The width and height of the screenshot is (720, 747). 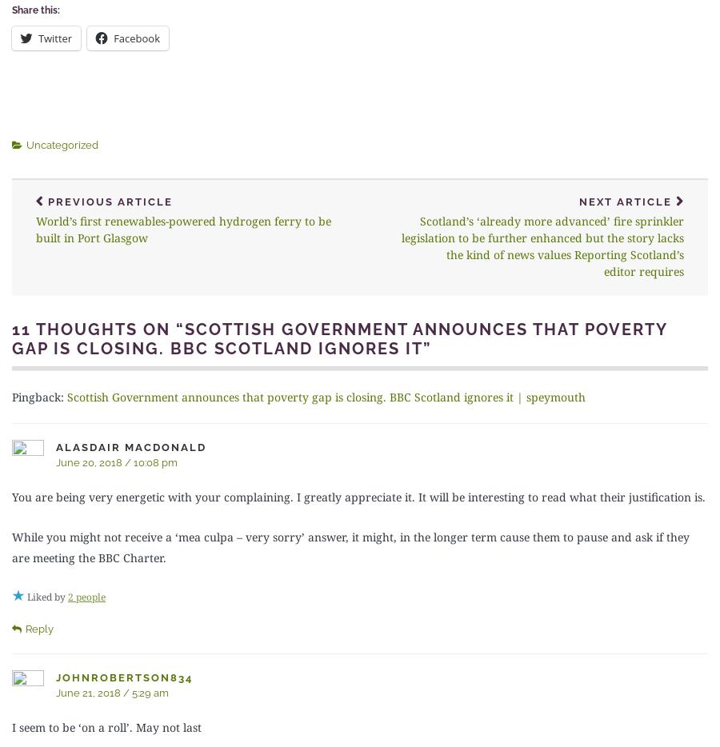 I want to click on 'Alasdair Macdonald', so click(x=130, y=446).